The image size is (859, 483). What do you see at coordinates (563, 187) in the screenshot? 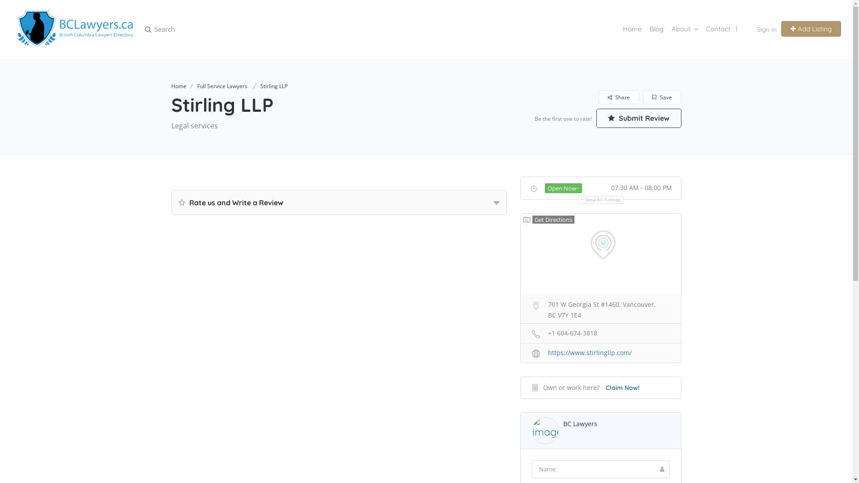
I see `'Open Now~'` at bounding box center [563, 187].